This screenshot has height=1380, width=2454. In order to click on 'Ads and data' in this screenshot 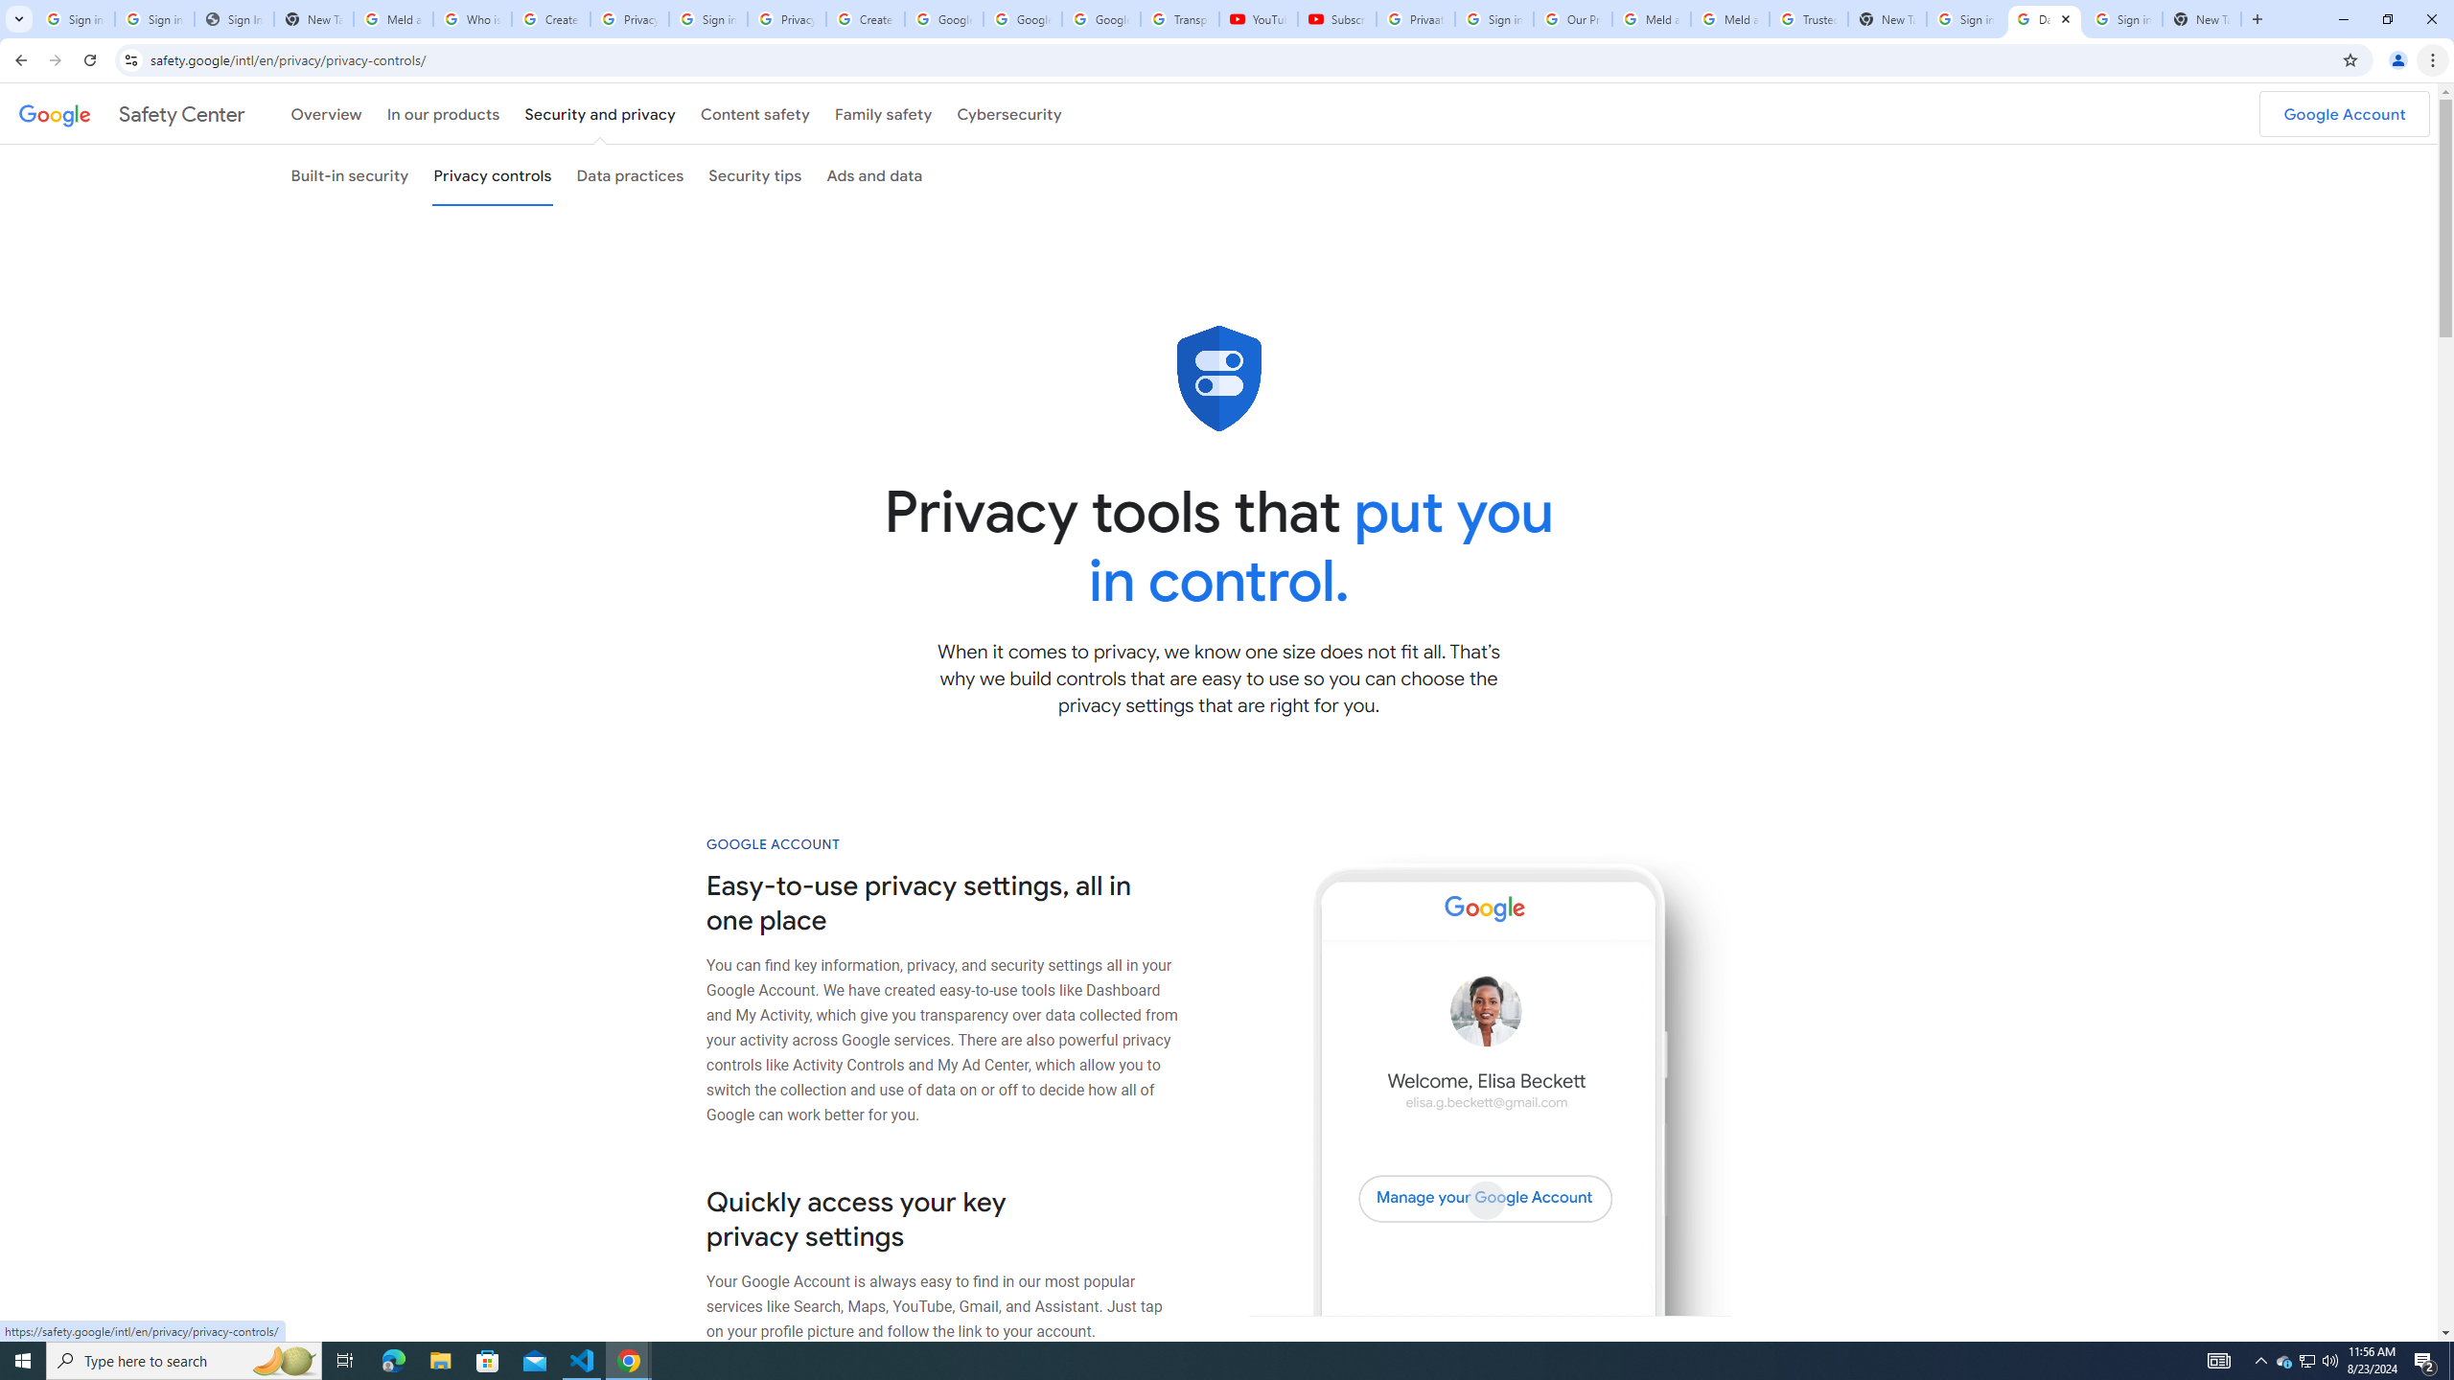, I will do `click(874, 173)`.